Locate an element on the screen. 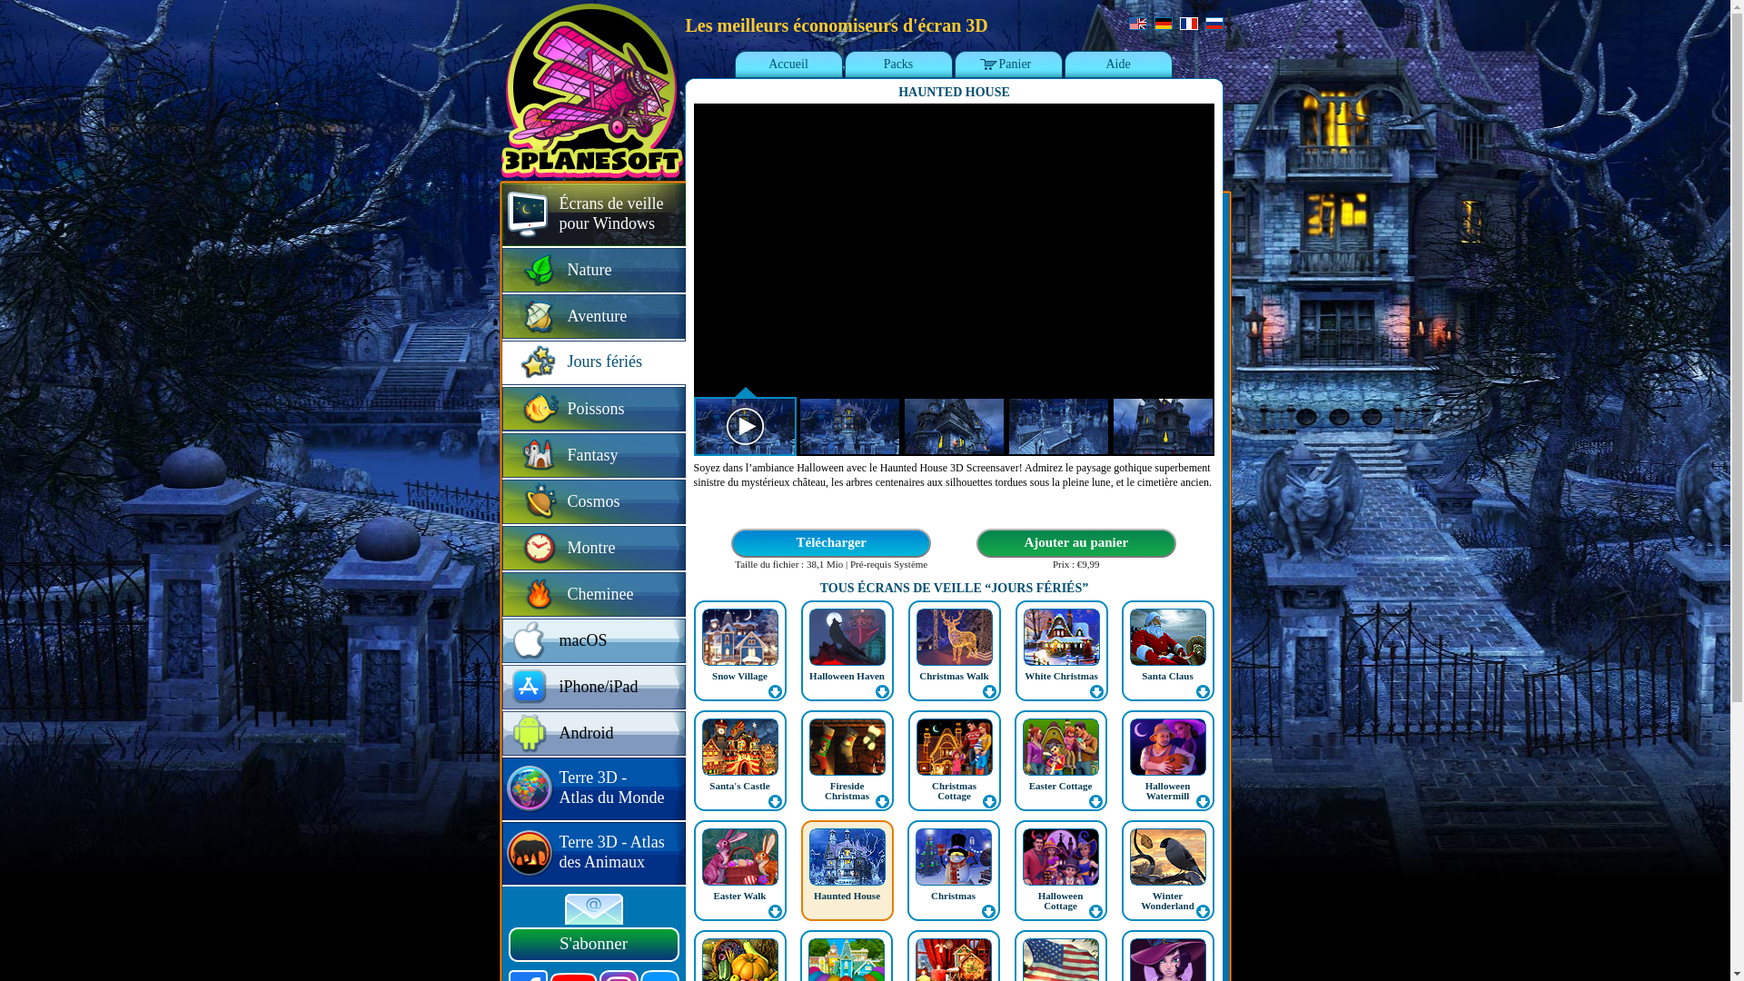 The width and height of the screenshot is (1744, 981). 'Packs' is located at coordinates (897, 64).